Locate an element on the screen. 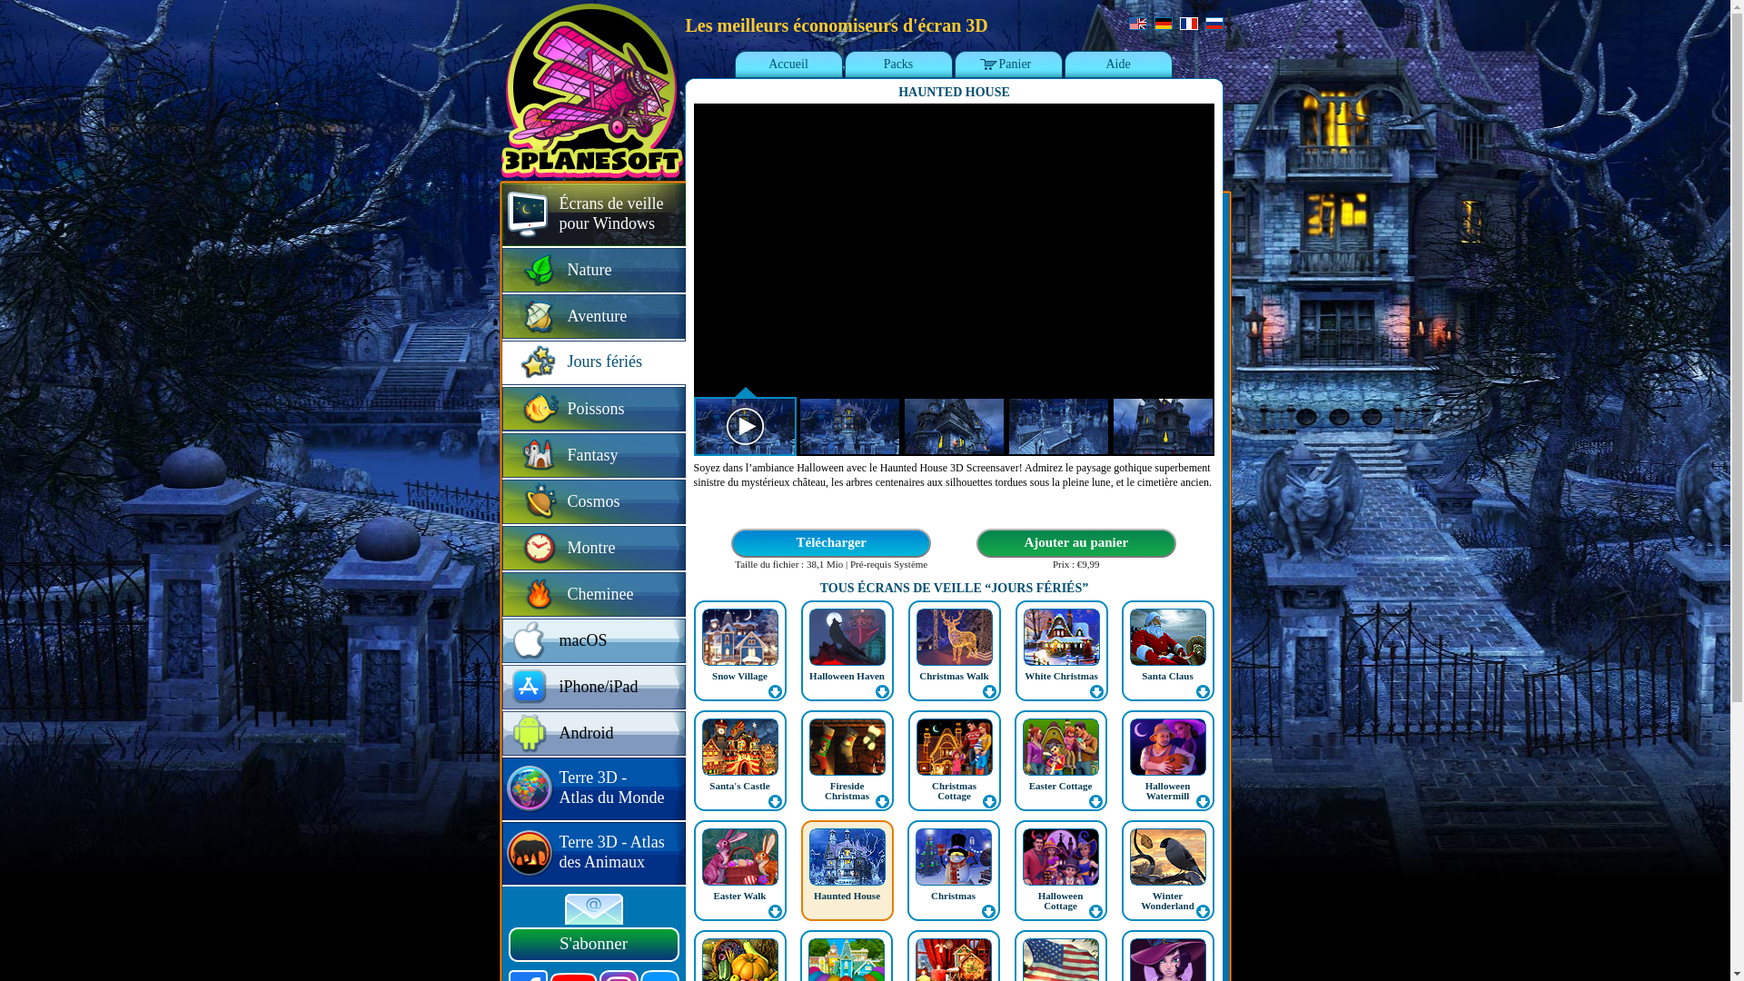 The width and height of the screenshot is (1744, 981). 'Packs' is located at coordinates (897, 64).